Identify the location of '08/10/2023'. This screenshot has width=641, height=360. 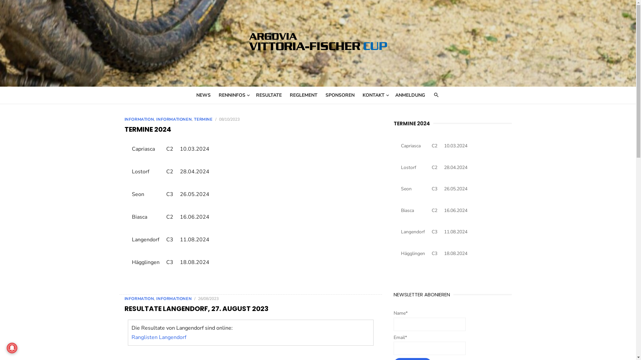
(229, 119).